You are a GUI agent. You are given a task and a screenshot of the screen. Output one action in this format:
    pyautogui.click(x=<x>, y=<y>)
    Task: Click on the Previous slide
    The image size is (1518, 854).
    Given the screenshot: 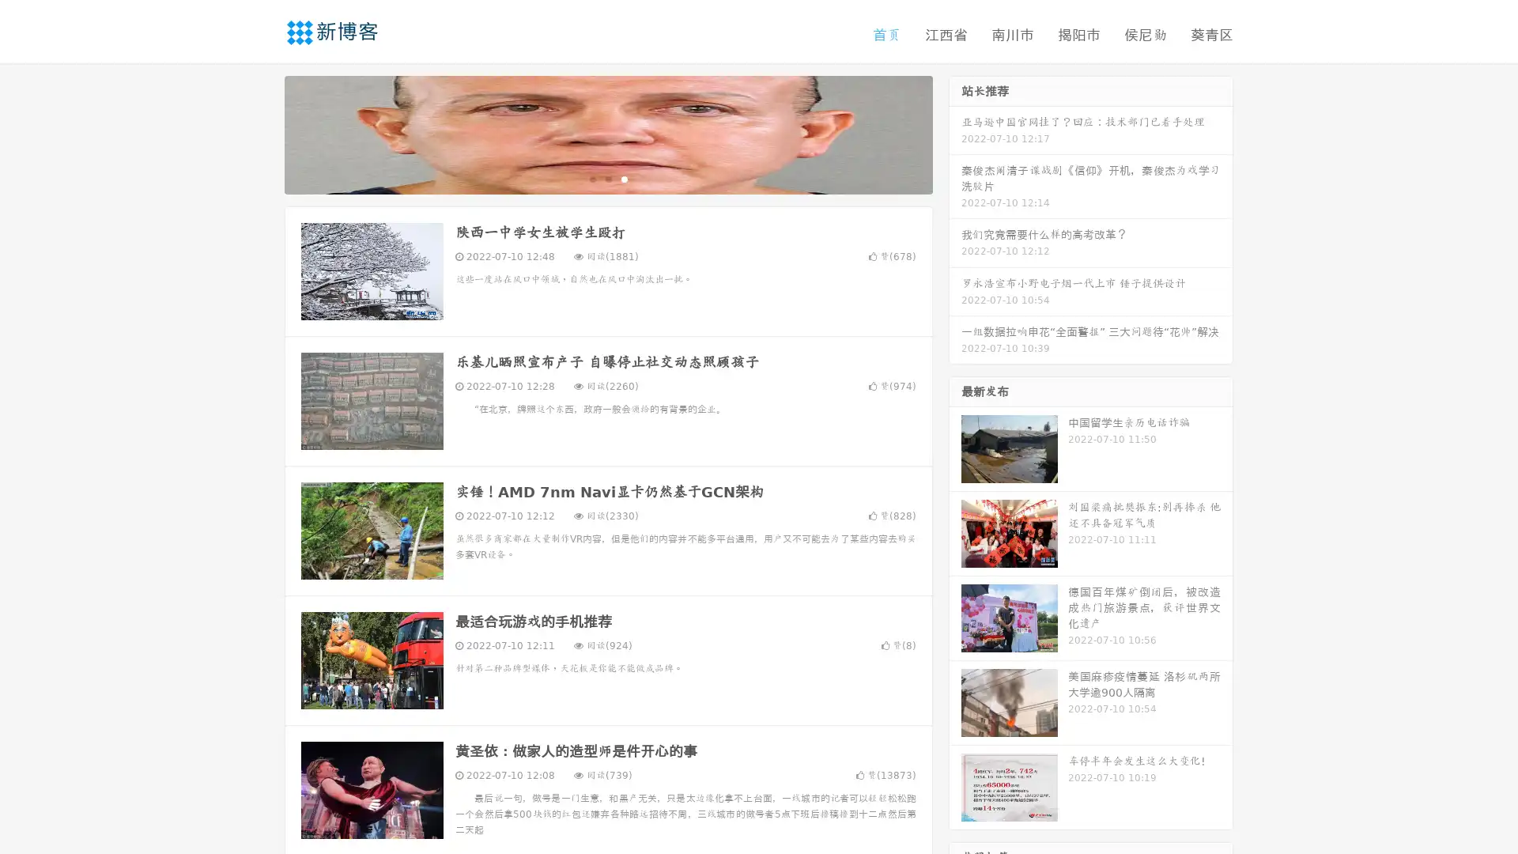 What is the action you would take?
    pyautogui.click(x=261, y=133)
    